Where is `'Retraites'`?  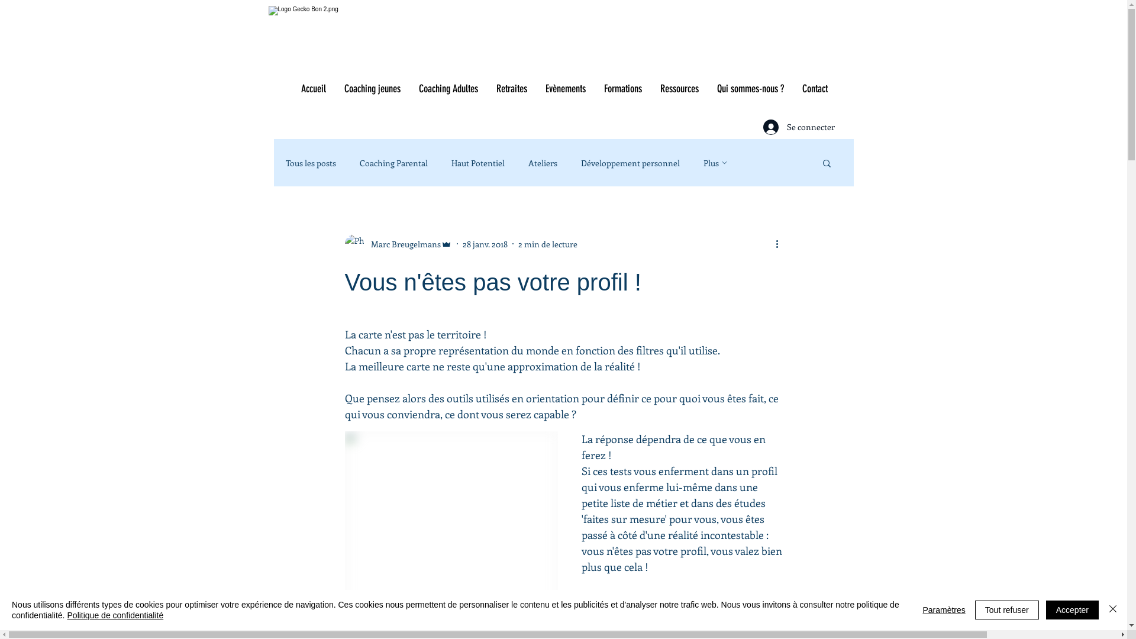 'Retraites' is located at coordinates (511, 88).